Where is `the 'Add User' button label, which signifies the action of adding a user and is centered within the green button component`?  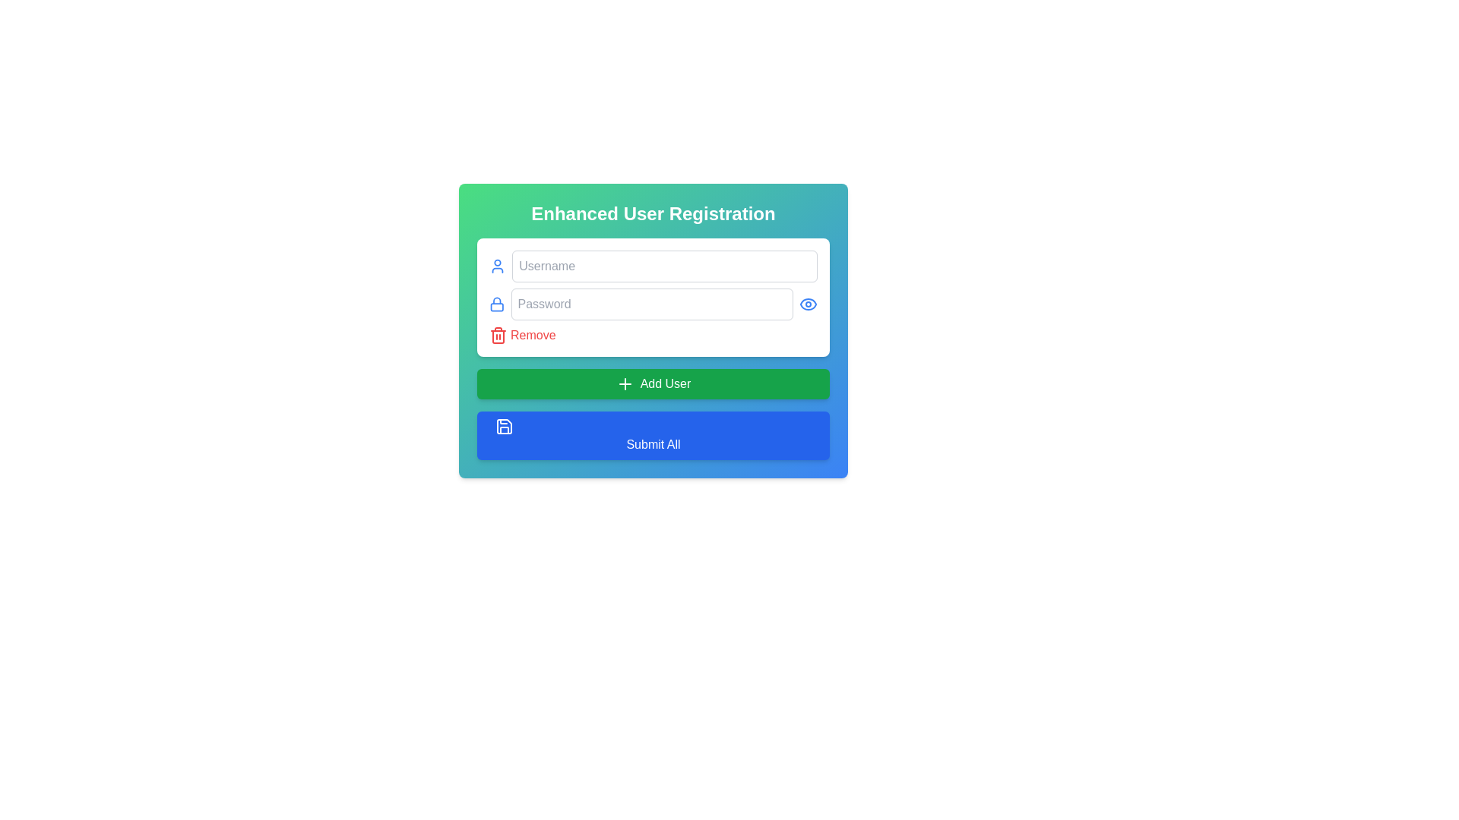
the 'Add User' button label, which signifies the action of adding a user and is centered within the green button component is located at coordinates (665, 383).